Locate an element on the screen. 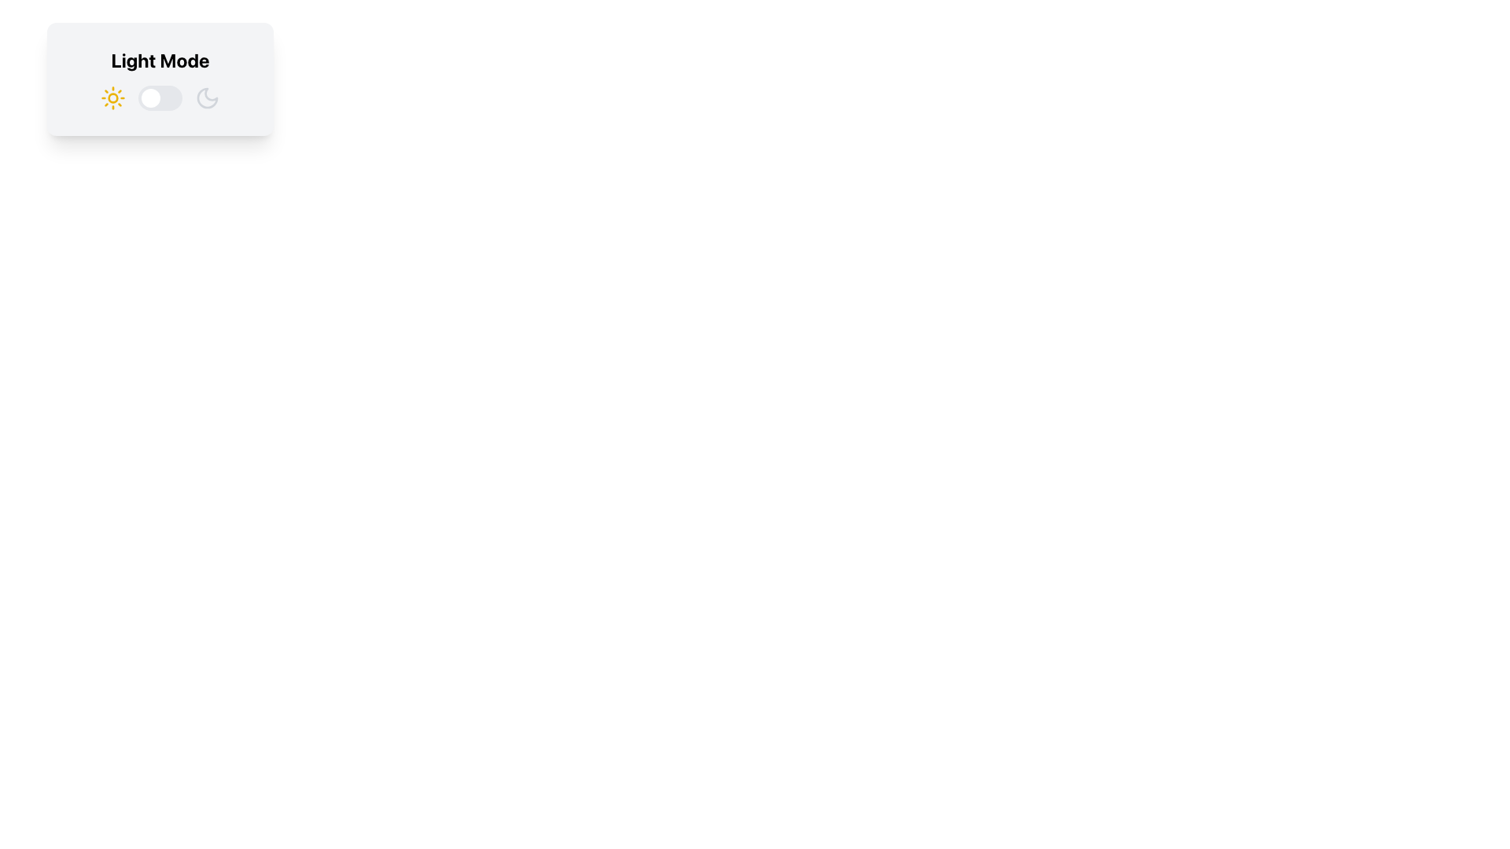 Image resolution: width=1510 pixels, height=849 pixels. the sun or moon icons of the Toggle Switch with Adjacent Icons is located at coordinates (160, 97).